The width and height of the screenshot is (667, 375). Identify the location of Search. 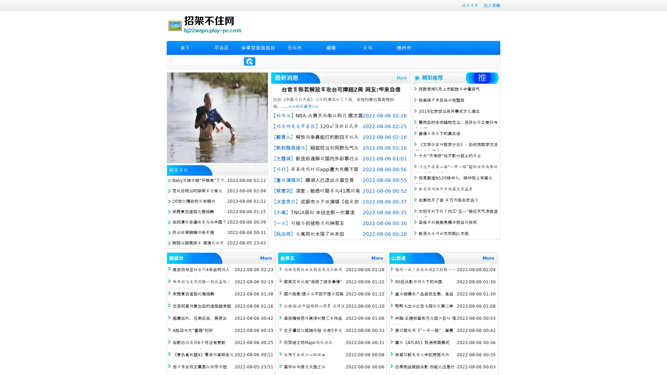
(249, 61).